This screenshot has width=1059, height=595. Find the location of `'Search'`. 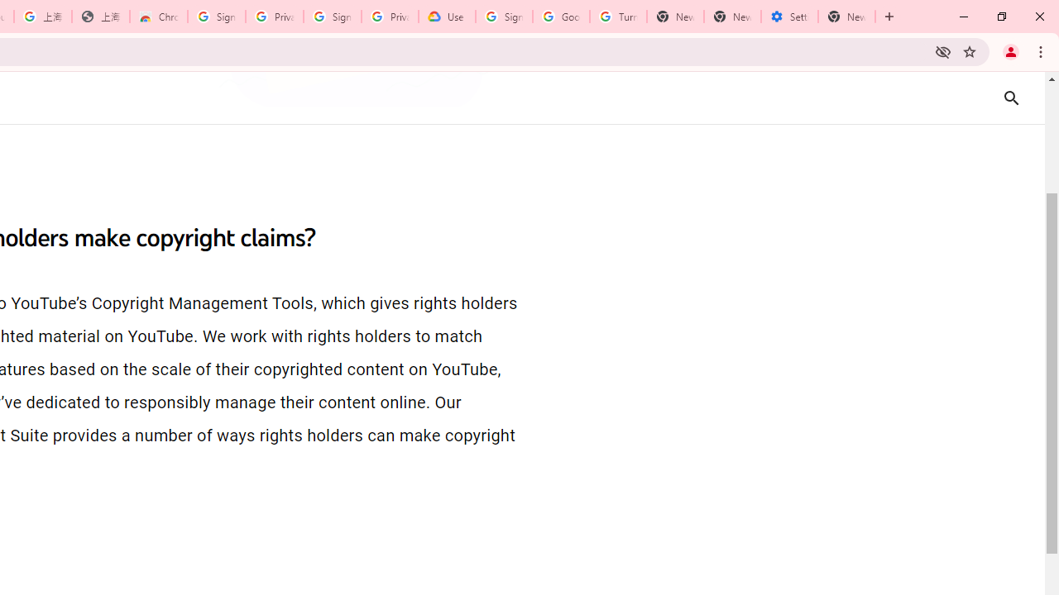

'Search' is located at coordinates (1032, 98).